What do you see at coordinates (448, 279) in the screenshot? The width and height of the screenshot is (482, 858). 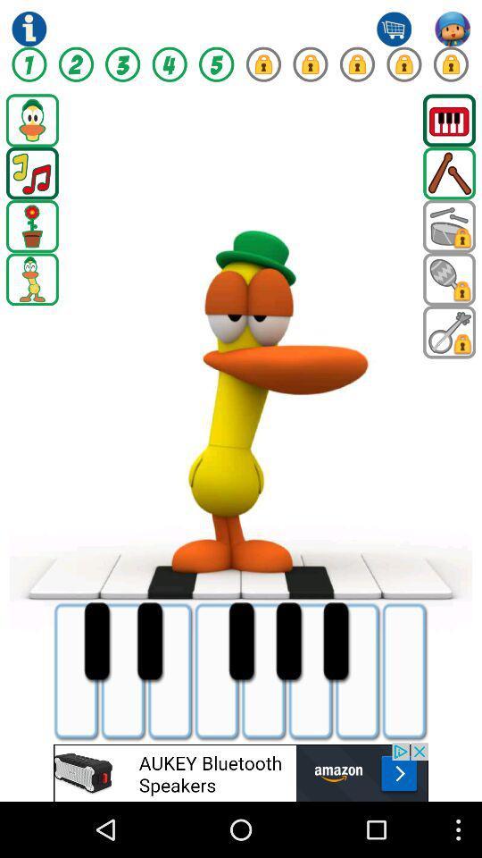 I see `option` at bounding box center [448, 279].